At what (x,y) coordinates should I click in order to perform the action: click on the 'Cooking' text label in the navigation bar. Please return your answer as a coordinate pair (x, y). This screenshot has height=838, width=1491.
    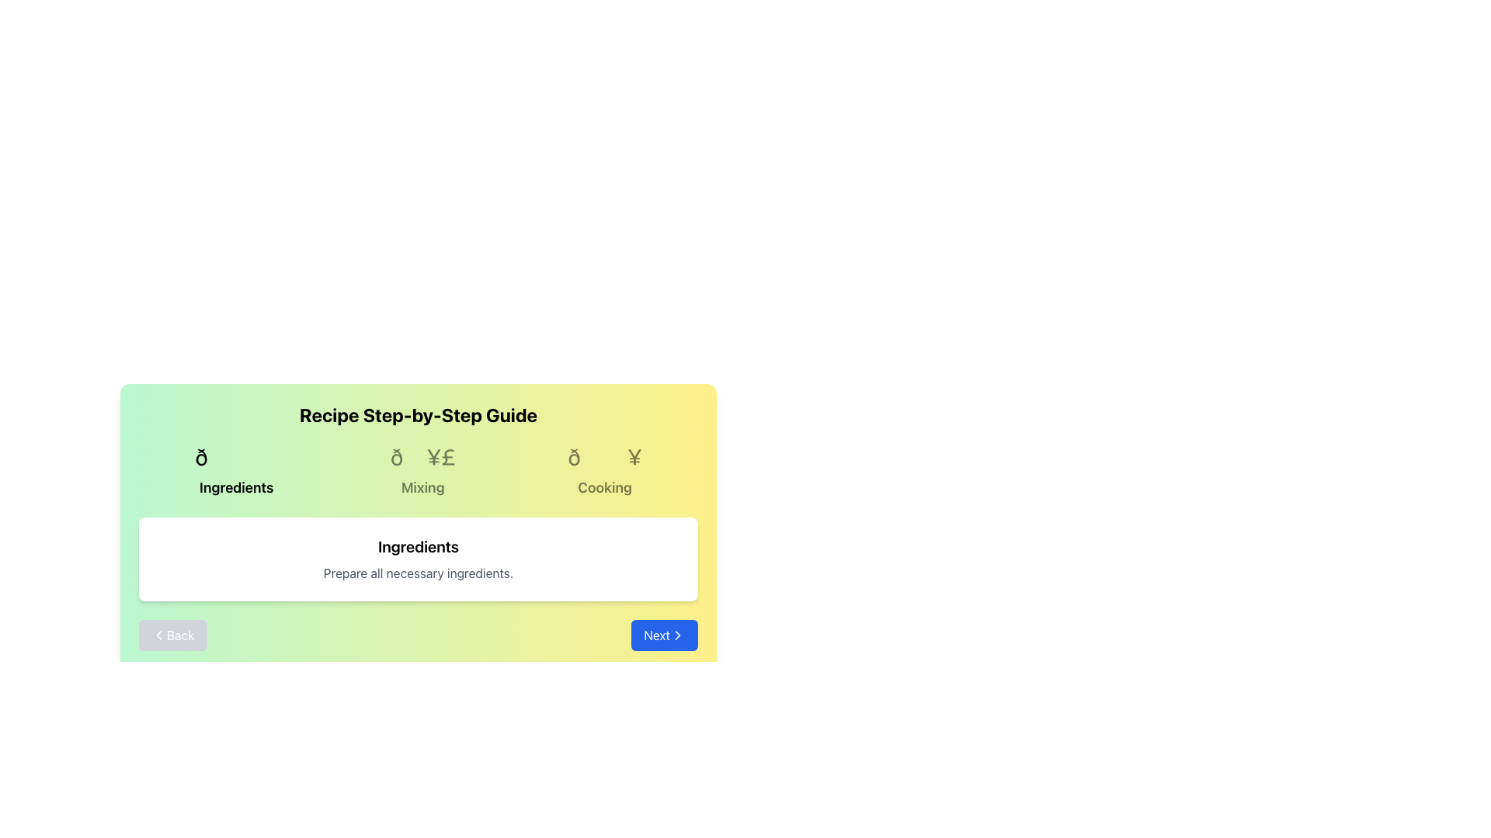
    Looking at the image, I should click on (603, 487).